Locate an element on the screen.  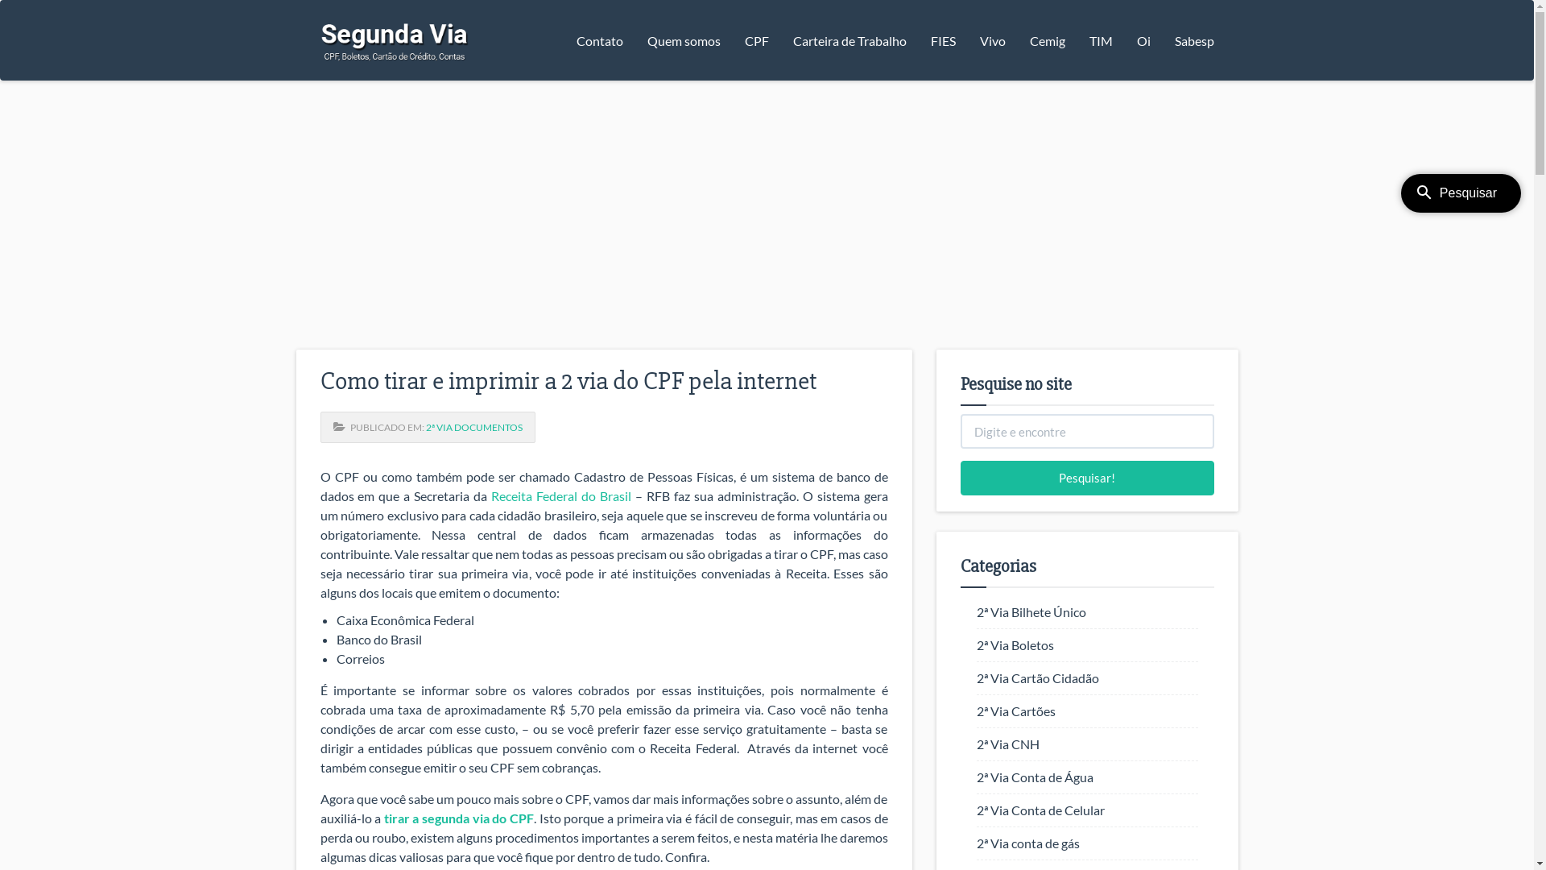
'Vivo' is located at coordinates (992, 39).